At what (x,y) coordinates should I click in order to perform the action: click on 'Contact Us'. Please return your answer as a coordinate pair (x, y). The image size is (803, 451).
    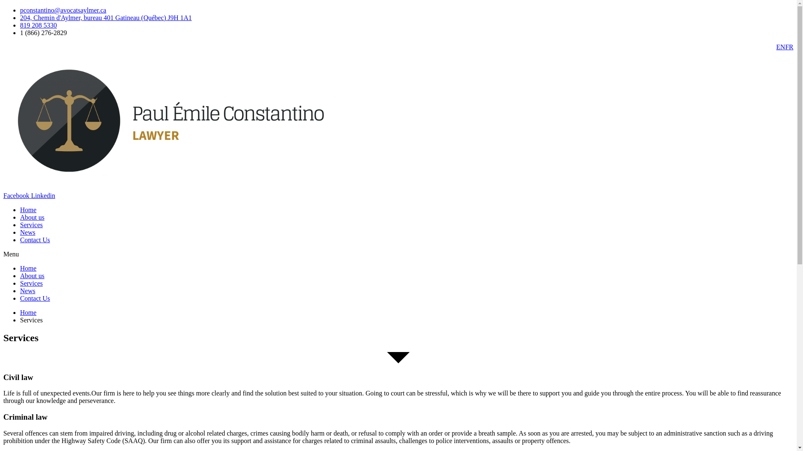
    Looking at the image, I should click on (34, 240).